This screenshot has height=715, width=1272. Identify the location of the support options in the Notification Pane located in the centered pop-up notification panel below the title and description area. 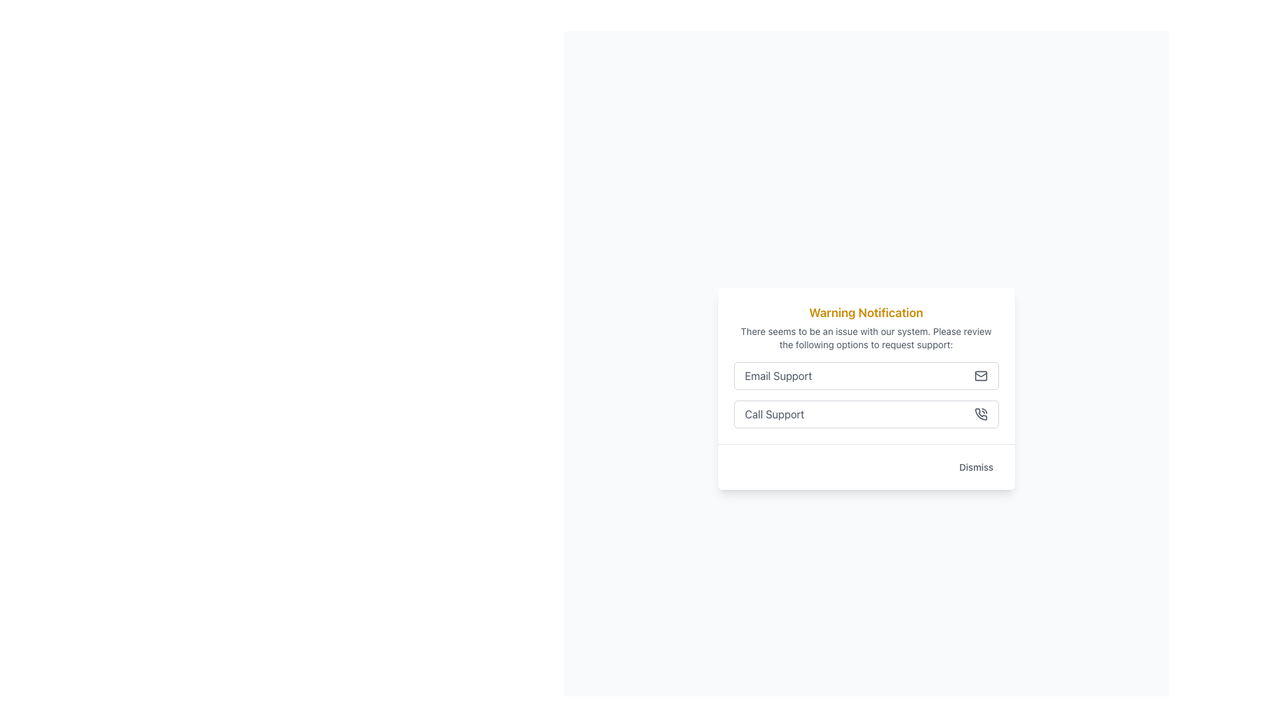
(866, 365).